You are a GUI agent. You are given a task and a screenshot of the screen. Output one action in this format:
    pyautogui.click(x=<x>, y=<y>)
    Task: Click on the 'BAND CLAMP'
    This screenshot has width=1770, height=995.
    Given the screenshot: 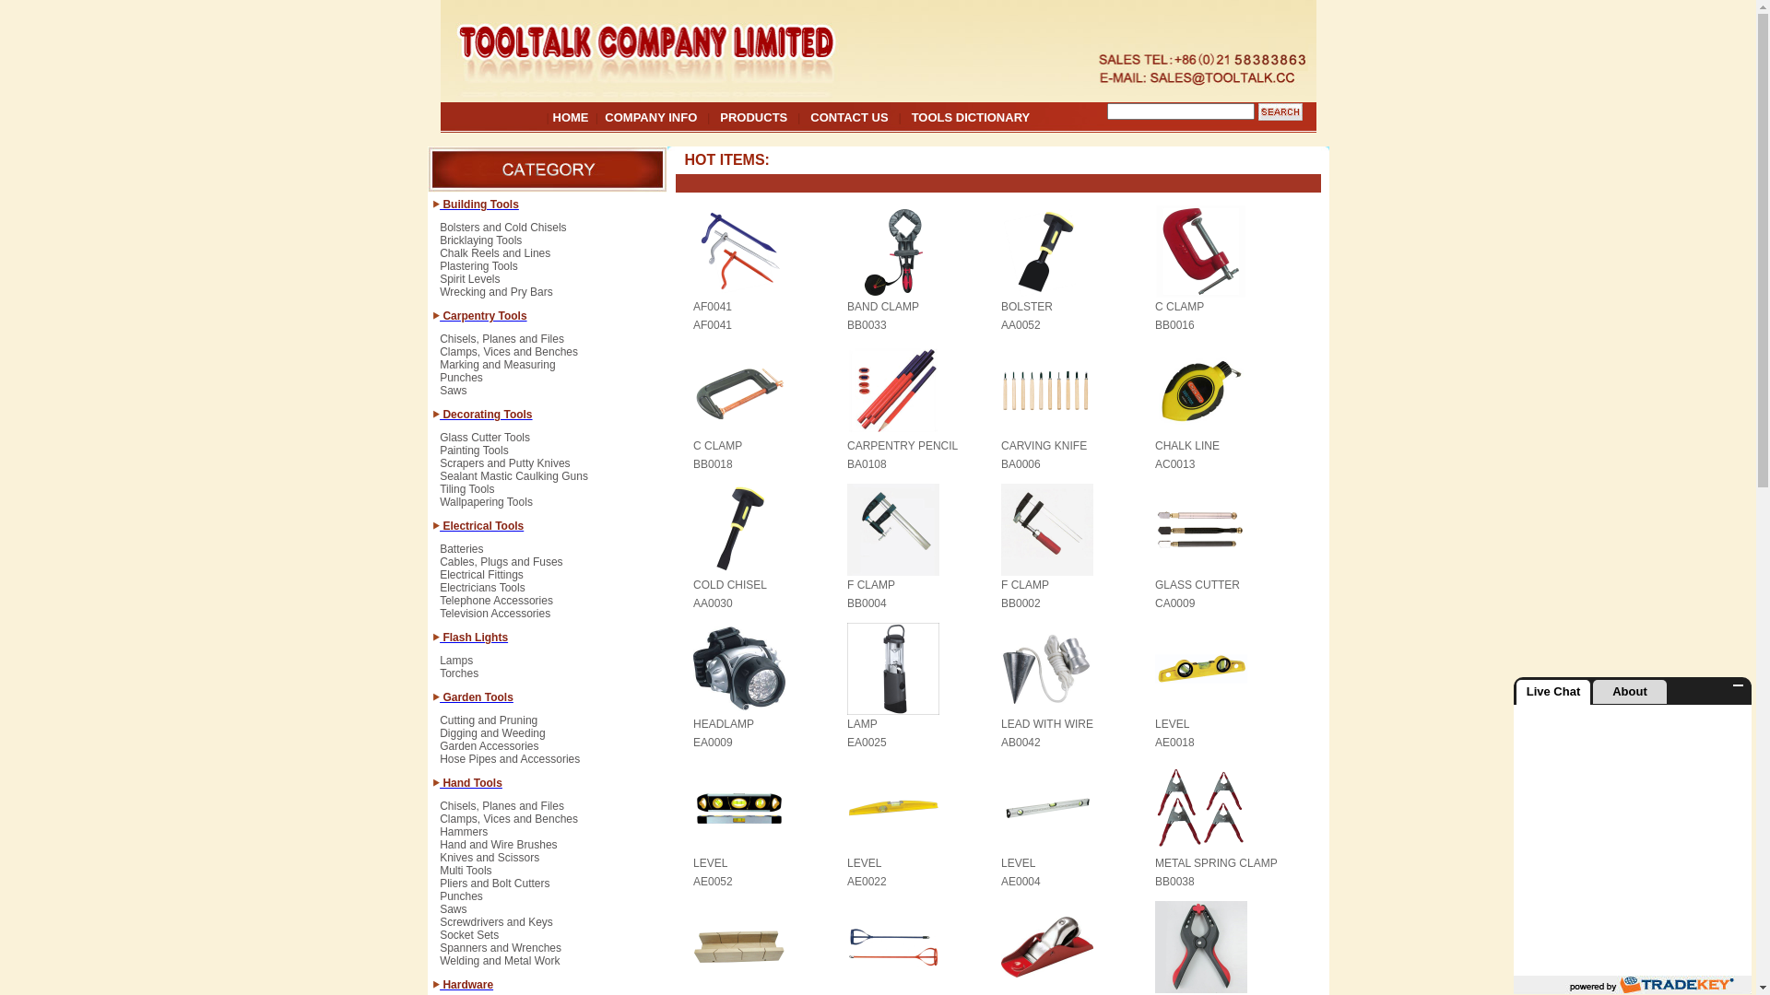 What is the action you would take?
    pyautogui.click(x=882, y=305)
    